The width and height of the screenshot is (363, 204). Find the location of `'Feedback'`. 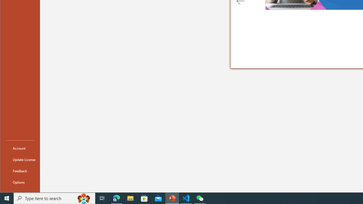

'Feedback' is located at coordinates (20, 171).